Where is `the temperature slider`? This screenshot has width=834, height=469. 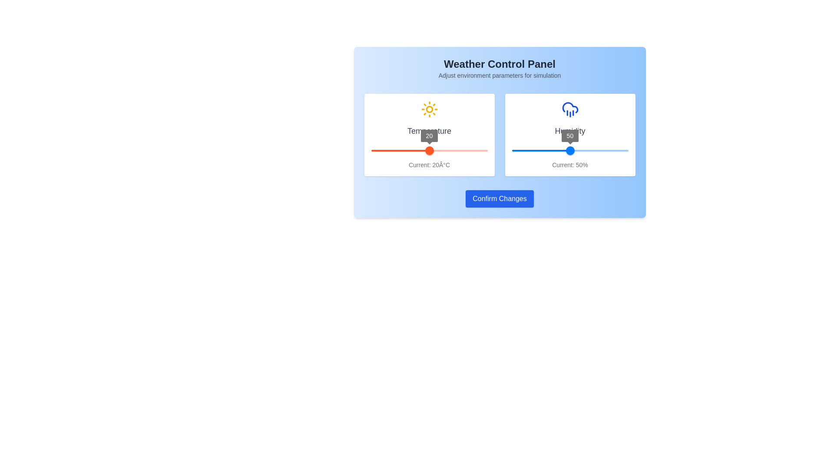
the temperature slider is located at coordinates (386, 150).